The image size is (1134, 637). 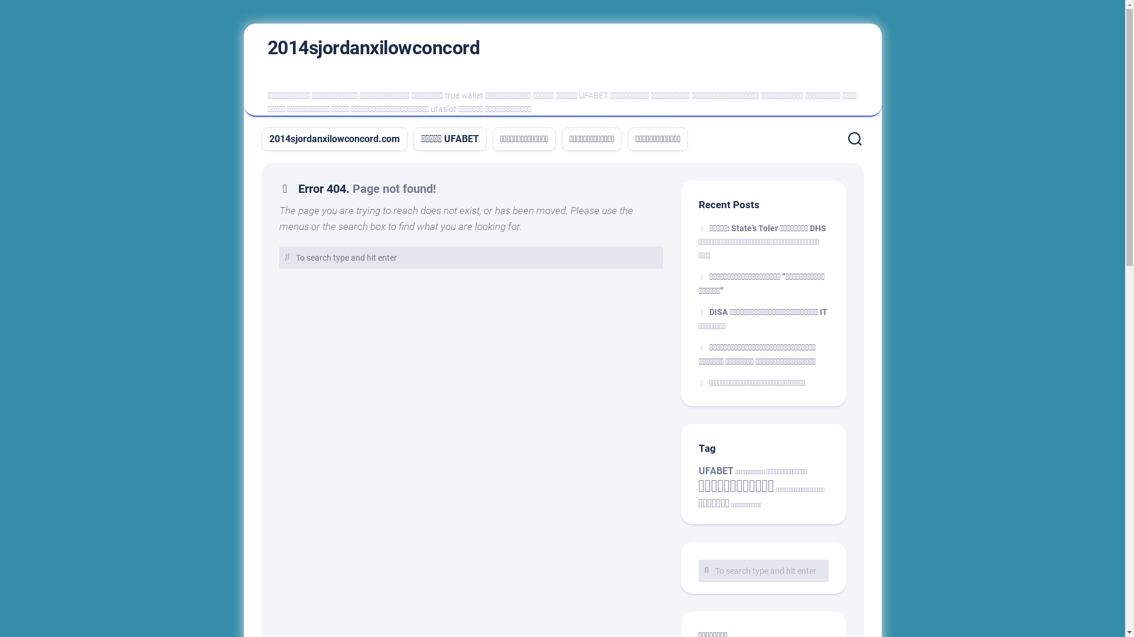 I want to click on '2014sjordanxilowconcord', so click(x=373, y=47).